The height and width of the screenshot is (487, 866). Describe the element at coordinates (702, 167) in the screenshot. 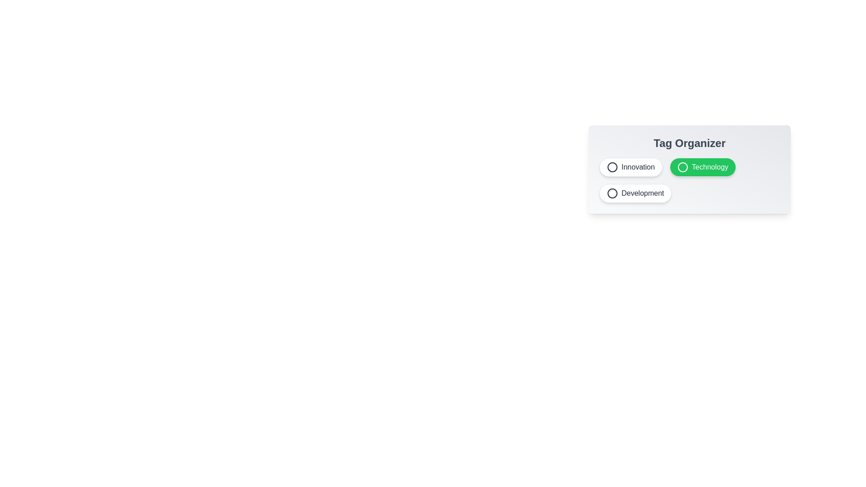

I see `the tag Technology` at that location.